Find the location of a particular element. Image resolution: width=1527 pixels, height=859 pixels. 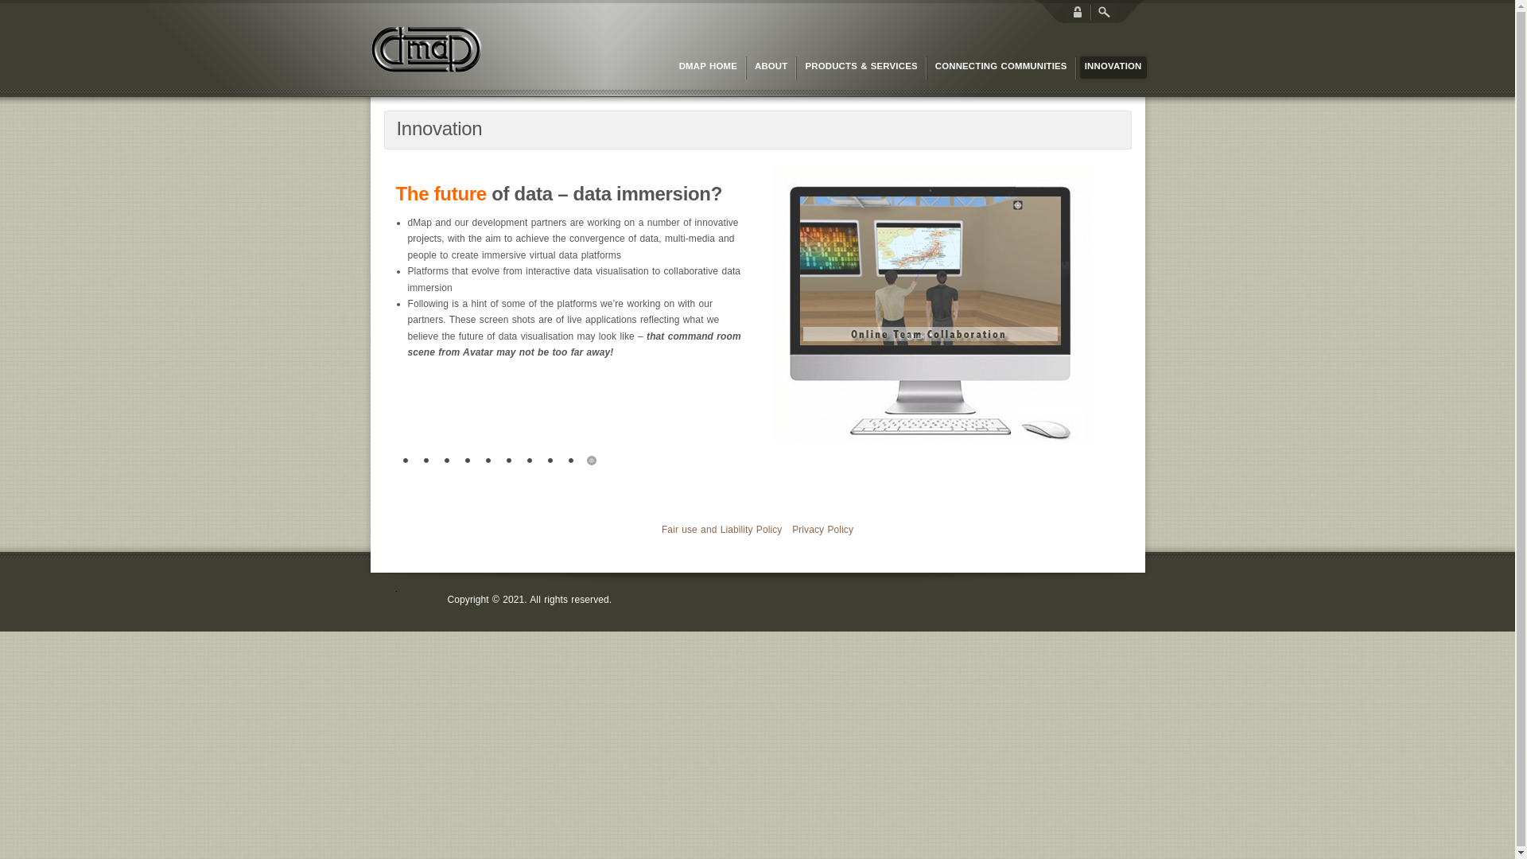

'CONNECTING COMMUNITIES' is located at coordinates (1000, 66).